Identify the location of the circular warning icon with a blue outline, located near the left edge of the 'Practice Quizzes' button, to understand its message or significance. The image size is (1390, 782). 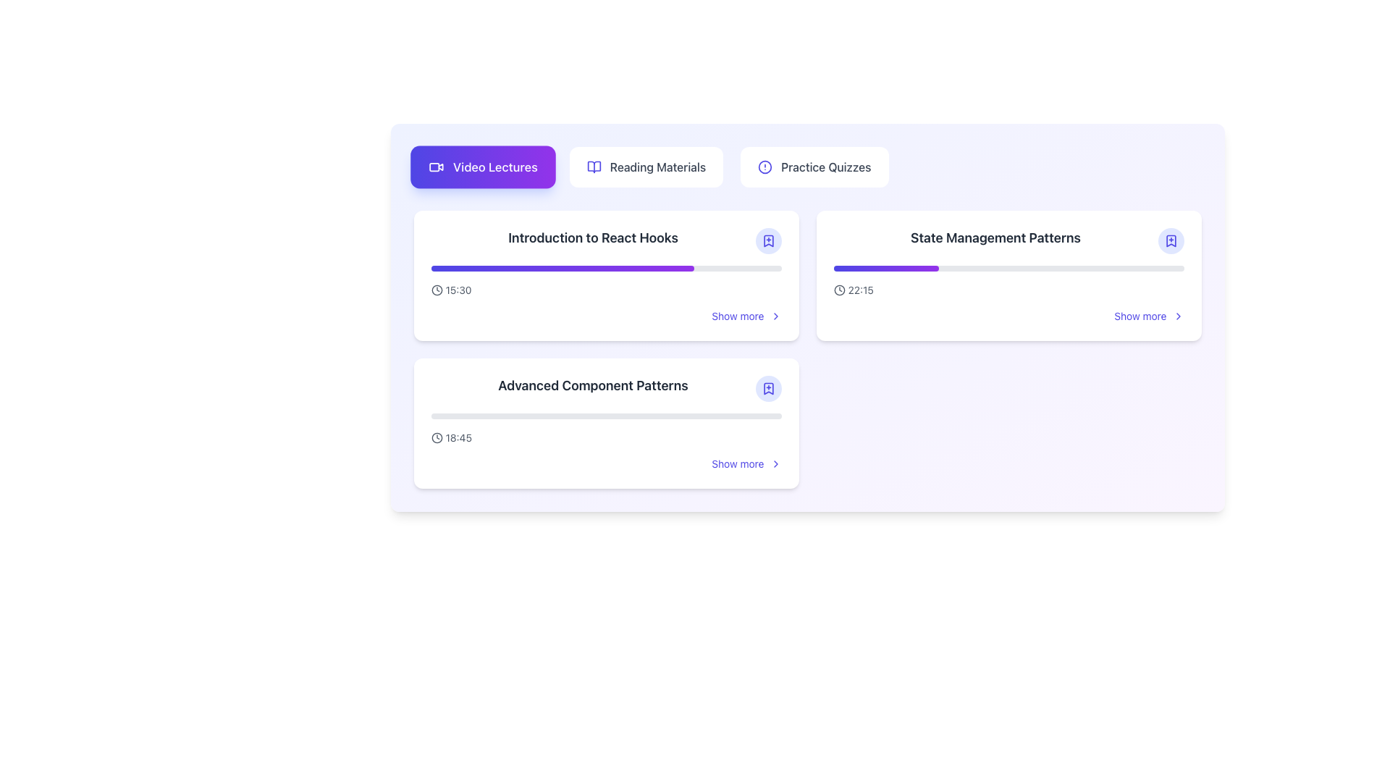
(764, 167).